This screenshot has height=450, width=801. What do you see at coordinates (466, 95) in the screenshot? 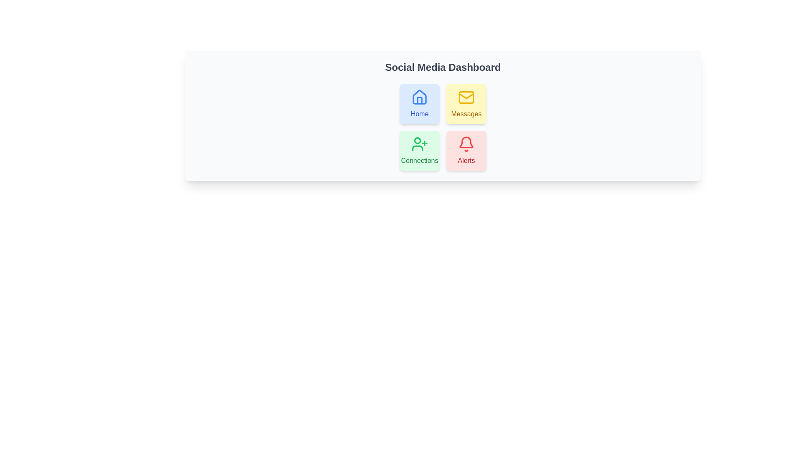
I see `the envelope flap symbol within the 'Messages' icon in the Social Media Dashboard interface, which is represented by a triangular shape on a yellow square background` at bounding box center [466, 95].